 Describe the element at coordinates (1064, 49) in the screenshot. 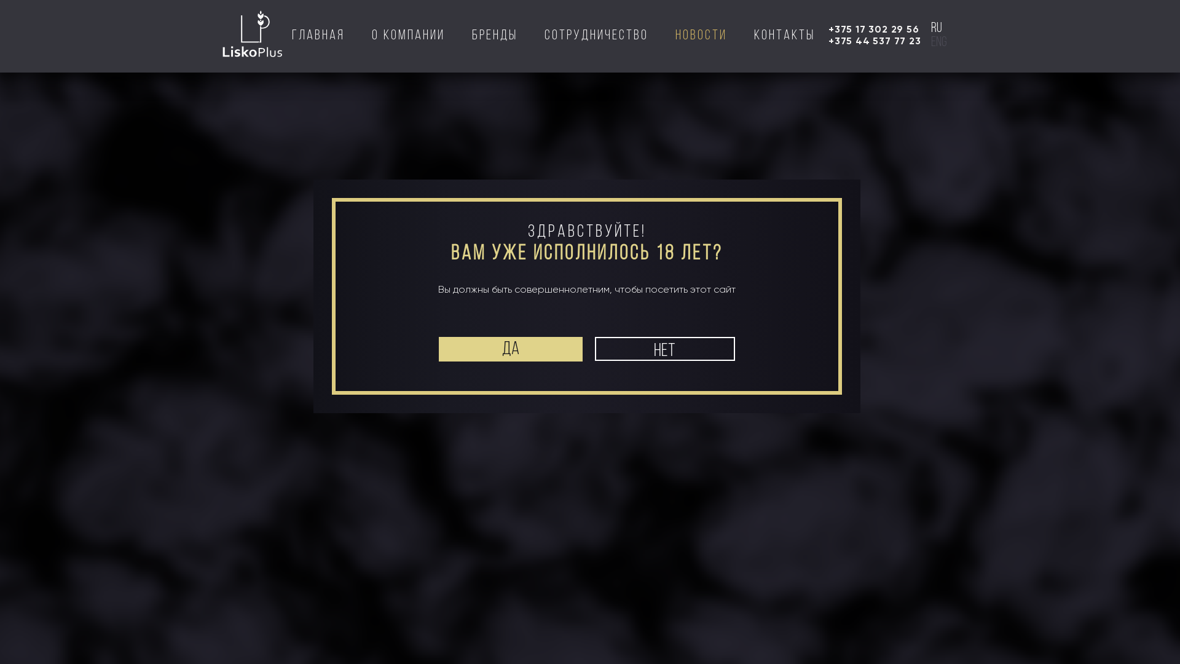

I see `'RU'` at that location.